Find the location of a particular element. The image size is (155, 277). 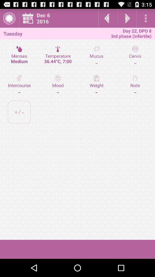

the item to the right of the mucus is located at coordinates (135, 85).